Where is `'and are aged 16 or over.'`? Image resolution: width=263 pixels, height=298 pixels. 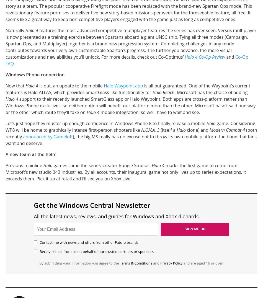
'and are aged 16 or over.' is located at coordinates (203, 263).